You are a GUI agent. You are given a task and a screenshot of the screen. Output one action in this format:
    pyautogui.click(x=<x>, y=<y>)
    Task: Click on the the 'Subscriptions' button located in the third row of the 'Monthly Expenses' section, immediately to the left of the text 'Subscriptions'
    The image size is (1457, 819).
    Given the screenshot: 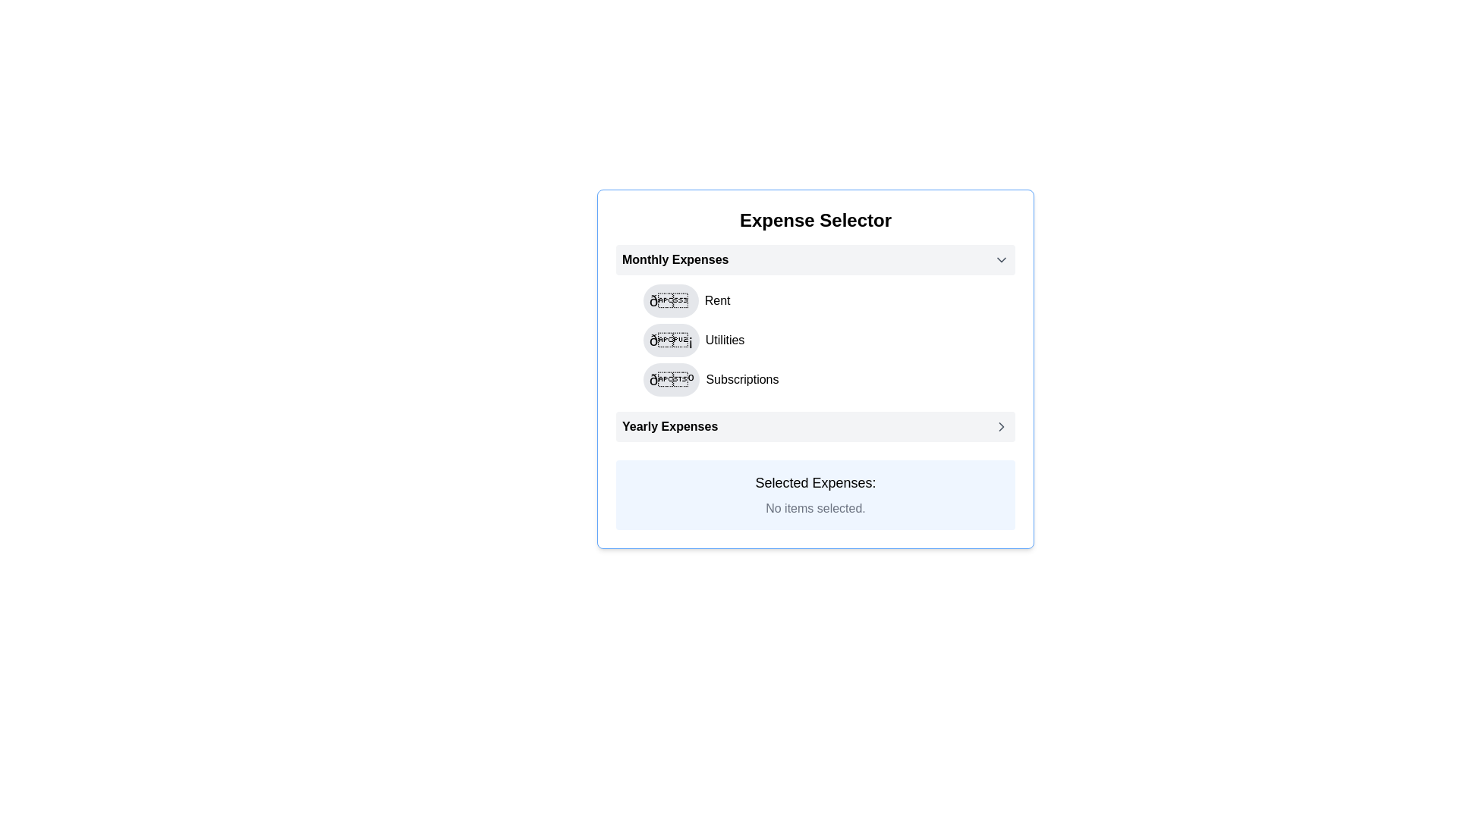 What is the action you would take?
    pyautogui.click(x=671, y=379)
    